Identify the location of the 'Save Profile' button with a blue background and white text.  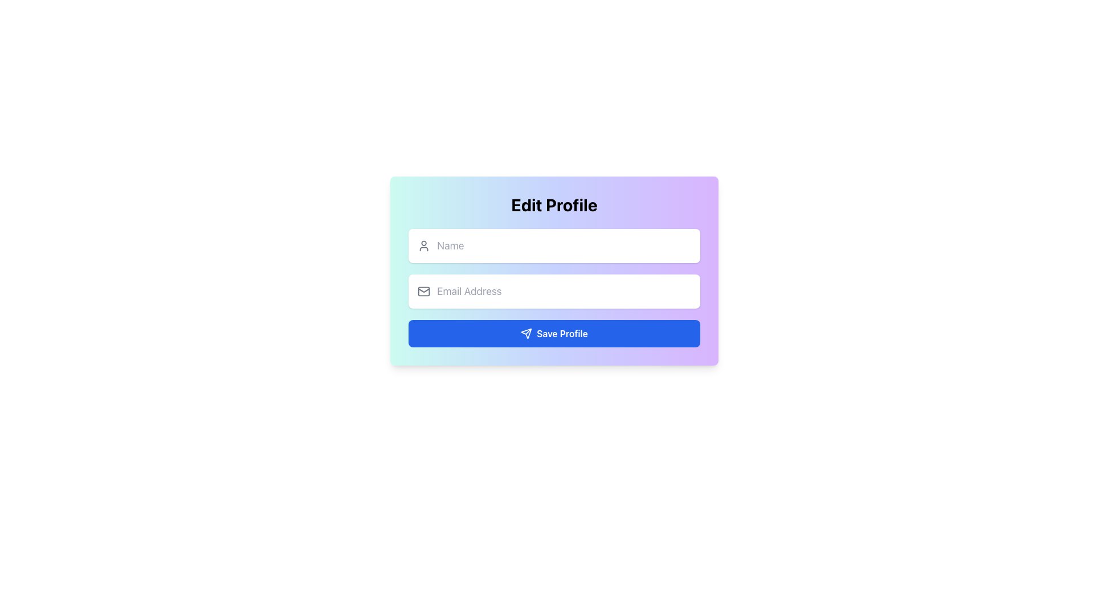
(554, 333).